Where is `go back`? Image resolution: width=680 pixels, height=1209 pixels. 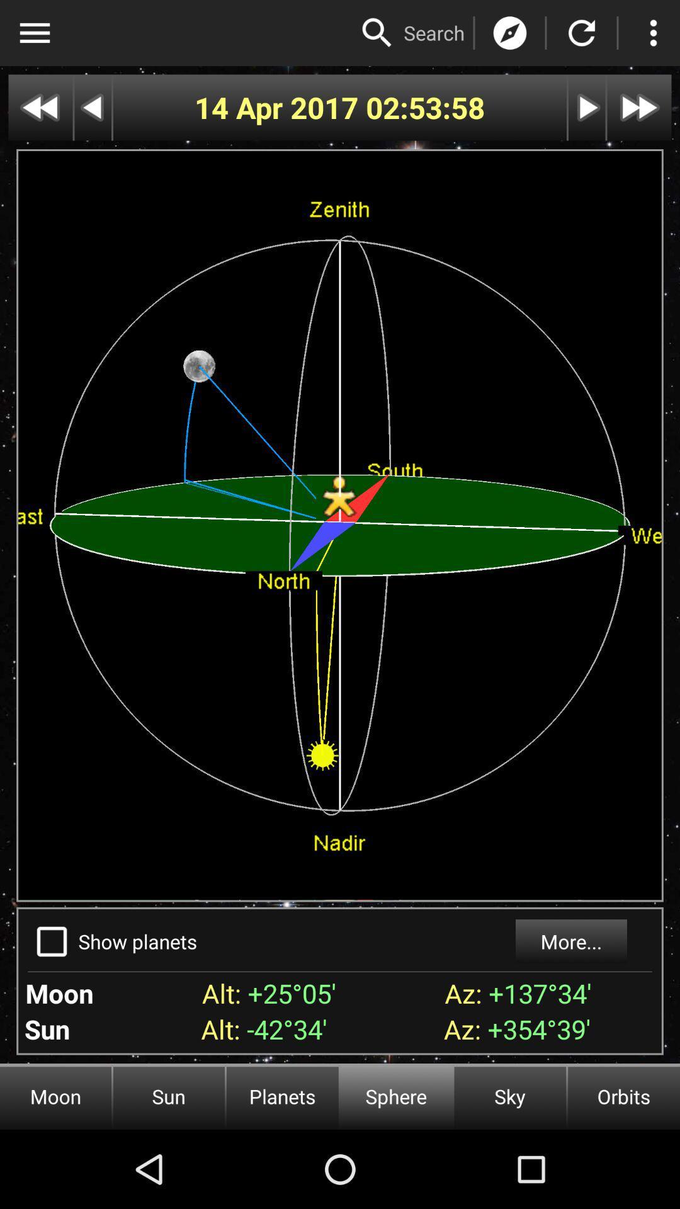
go back is located at coordinates (92, 108).